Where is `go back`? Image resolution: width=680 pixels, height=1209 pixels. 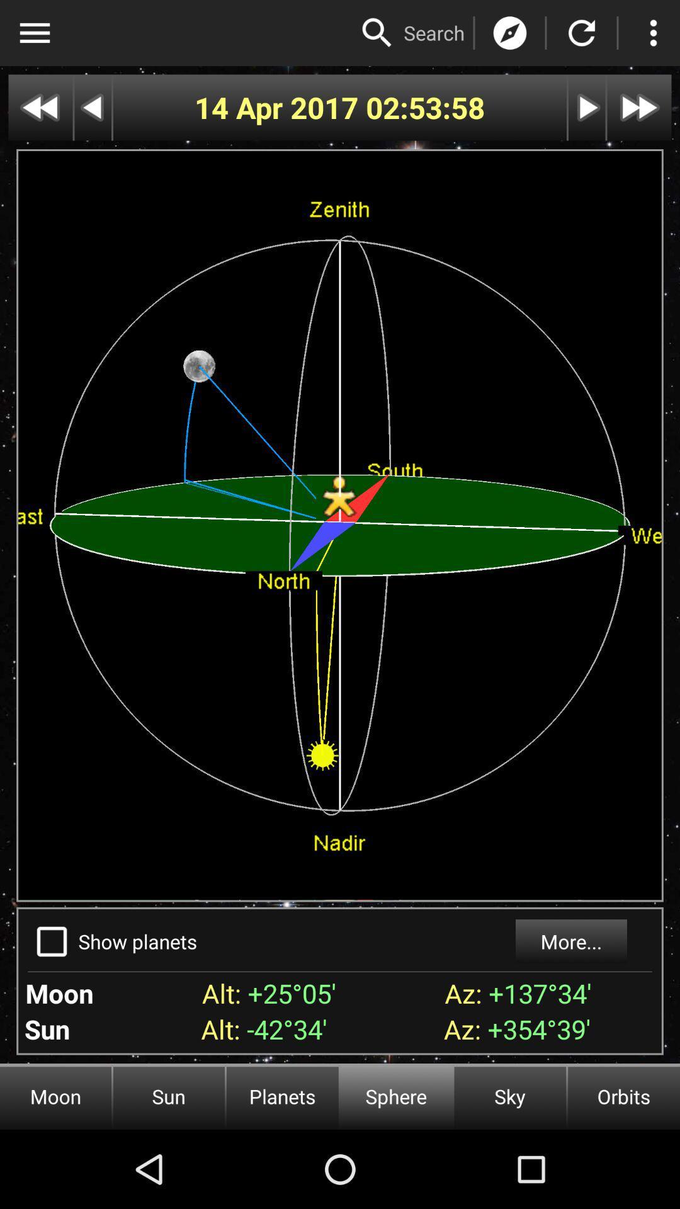
go back is located at coordinates (92, 108).